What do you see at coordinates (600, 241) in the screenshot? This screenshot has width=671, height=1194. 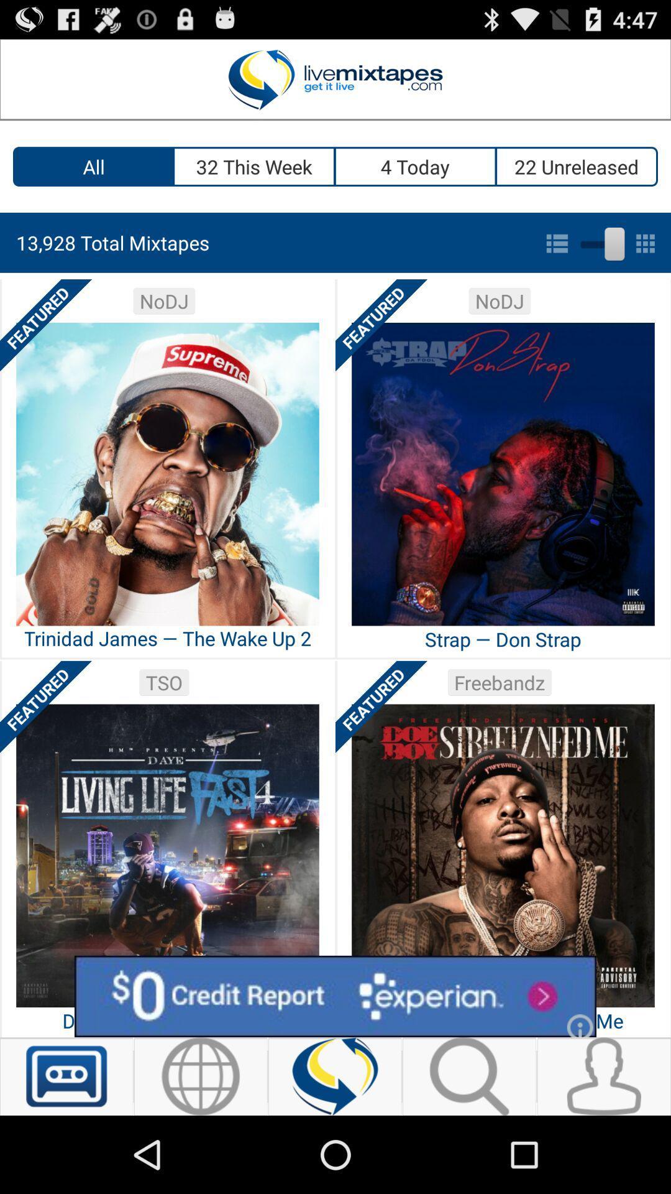 I see `list to grid view toggle` at bounding box center [600, 241].